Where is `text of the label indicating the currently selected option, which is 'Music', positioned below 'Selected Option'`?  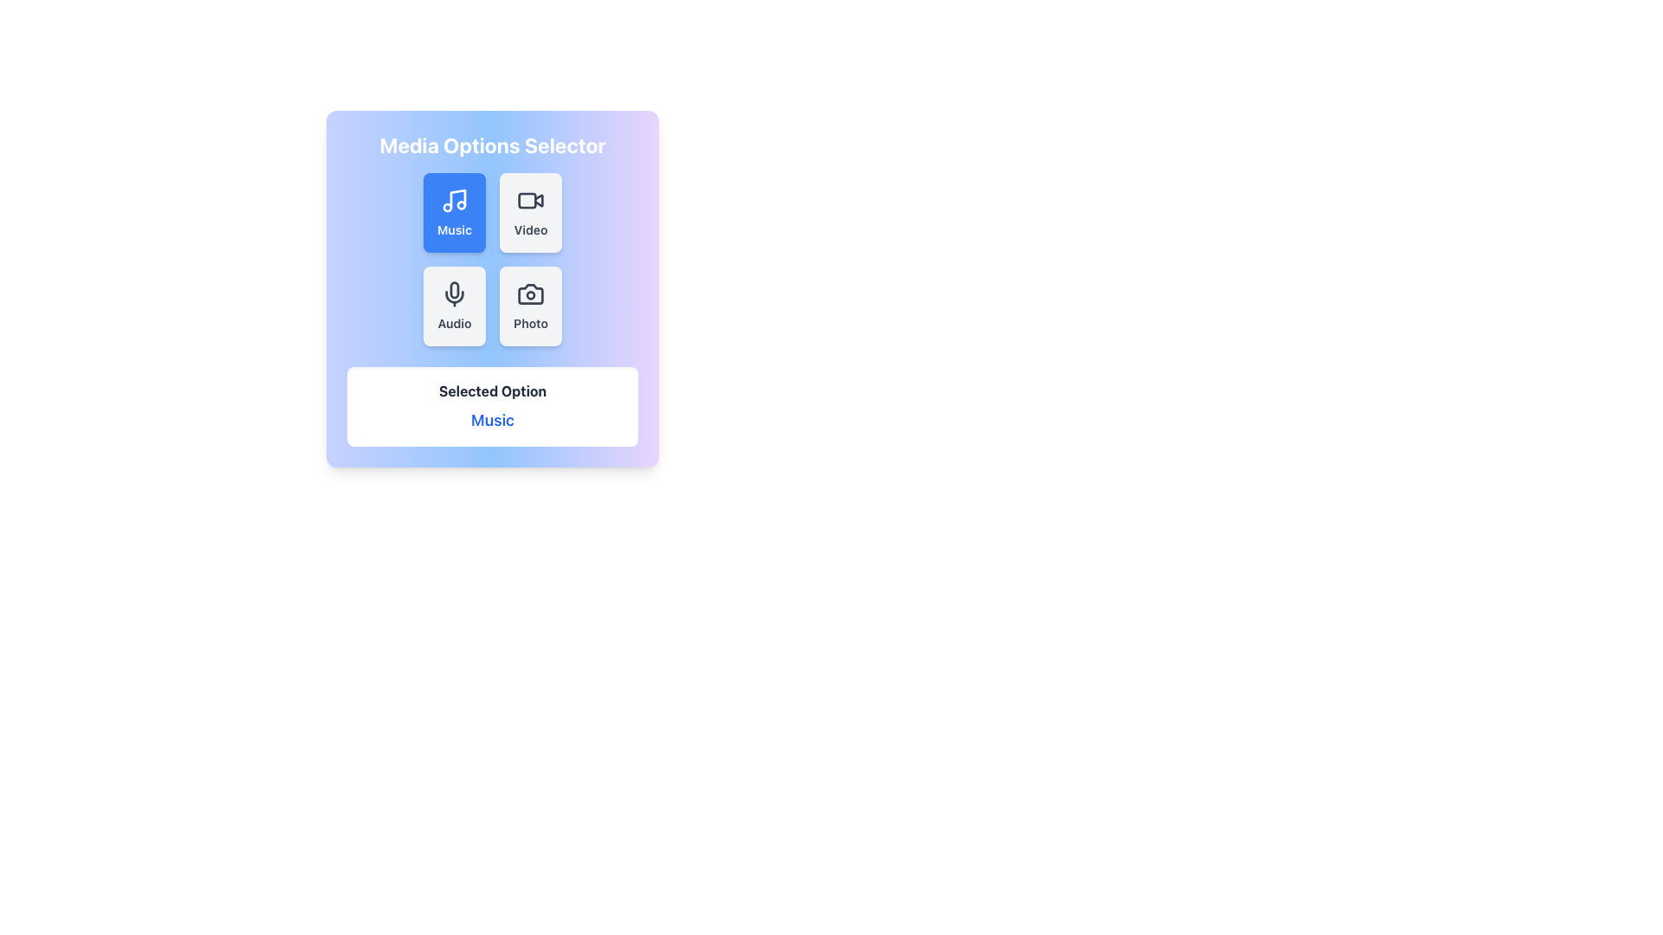
text of the label indicating the currently selected option, which is 'Music', positioned below 'Selected Option' is located at coordinates (492, 421).